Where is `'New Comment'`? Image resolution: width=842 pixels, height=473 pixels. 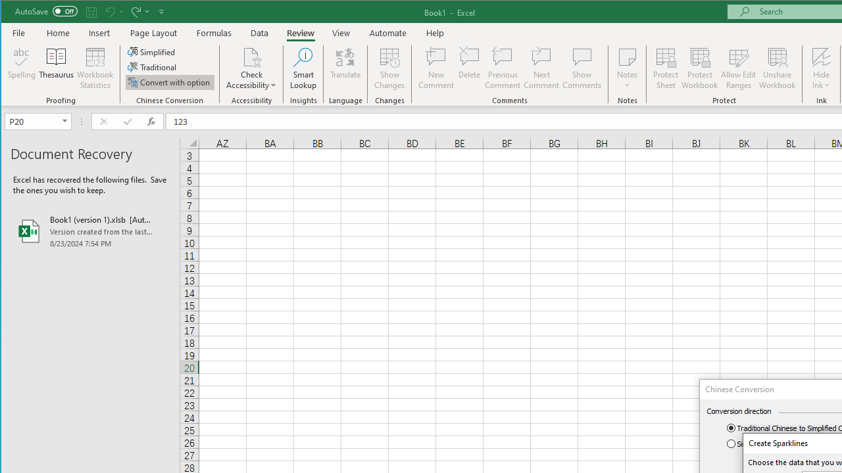
'New Comment' is located at coordinates (436, 68).